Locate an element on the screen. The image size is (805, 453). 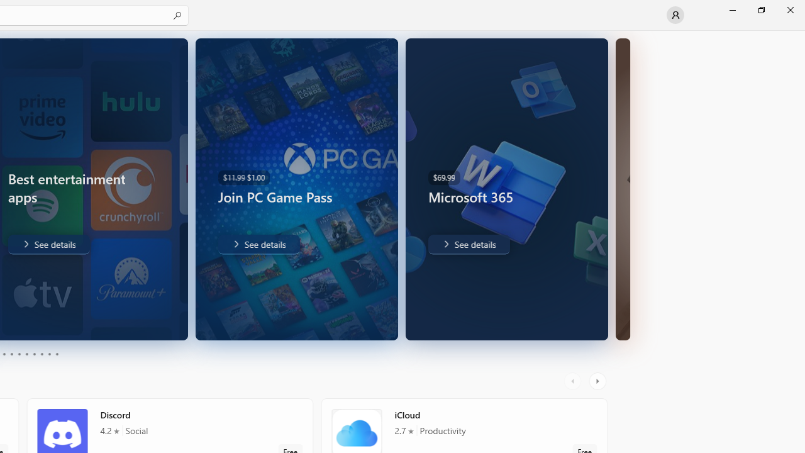
'Page 7' is located at coordinates (34, 354).